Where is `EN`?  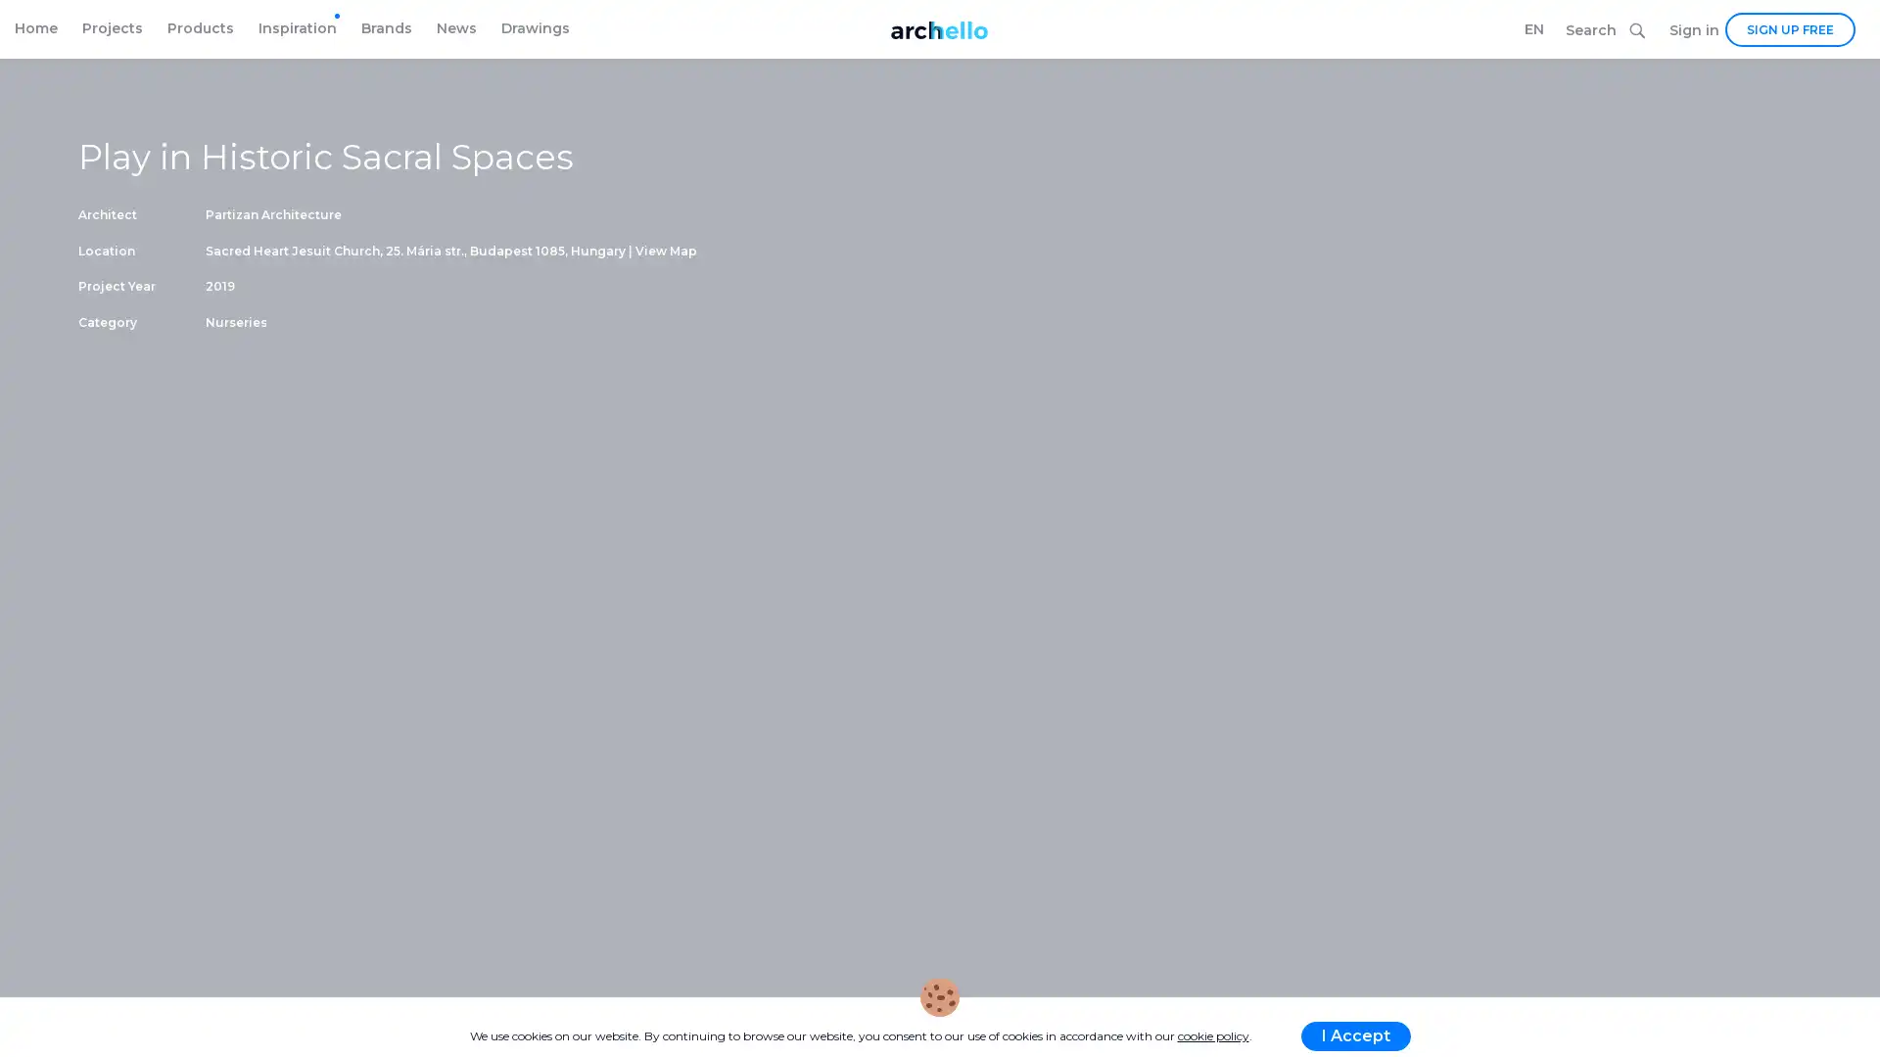 EN is located at coordinates (1532, 29).